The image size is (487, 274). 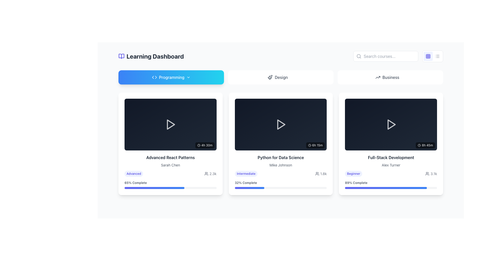 I want to click on the play icon button located centrally within the second card of the 'Programming' category to trigger visual effects, so click(x=281, y=124).